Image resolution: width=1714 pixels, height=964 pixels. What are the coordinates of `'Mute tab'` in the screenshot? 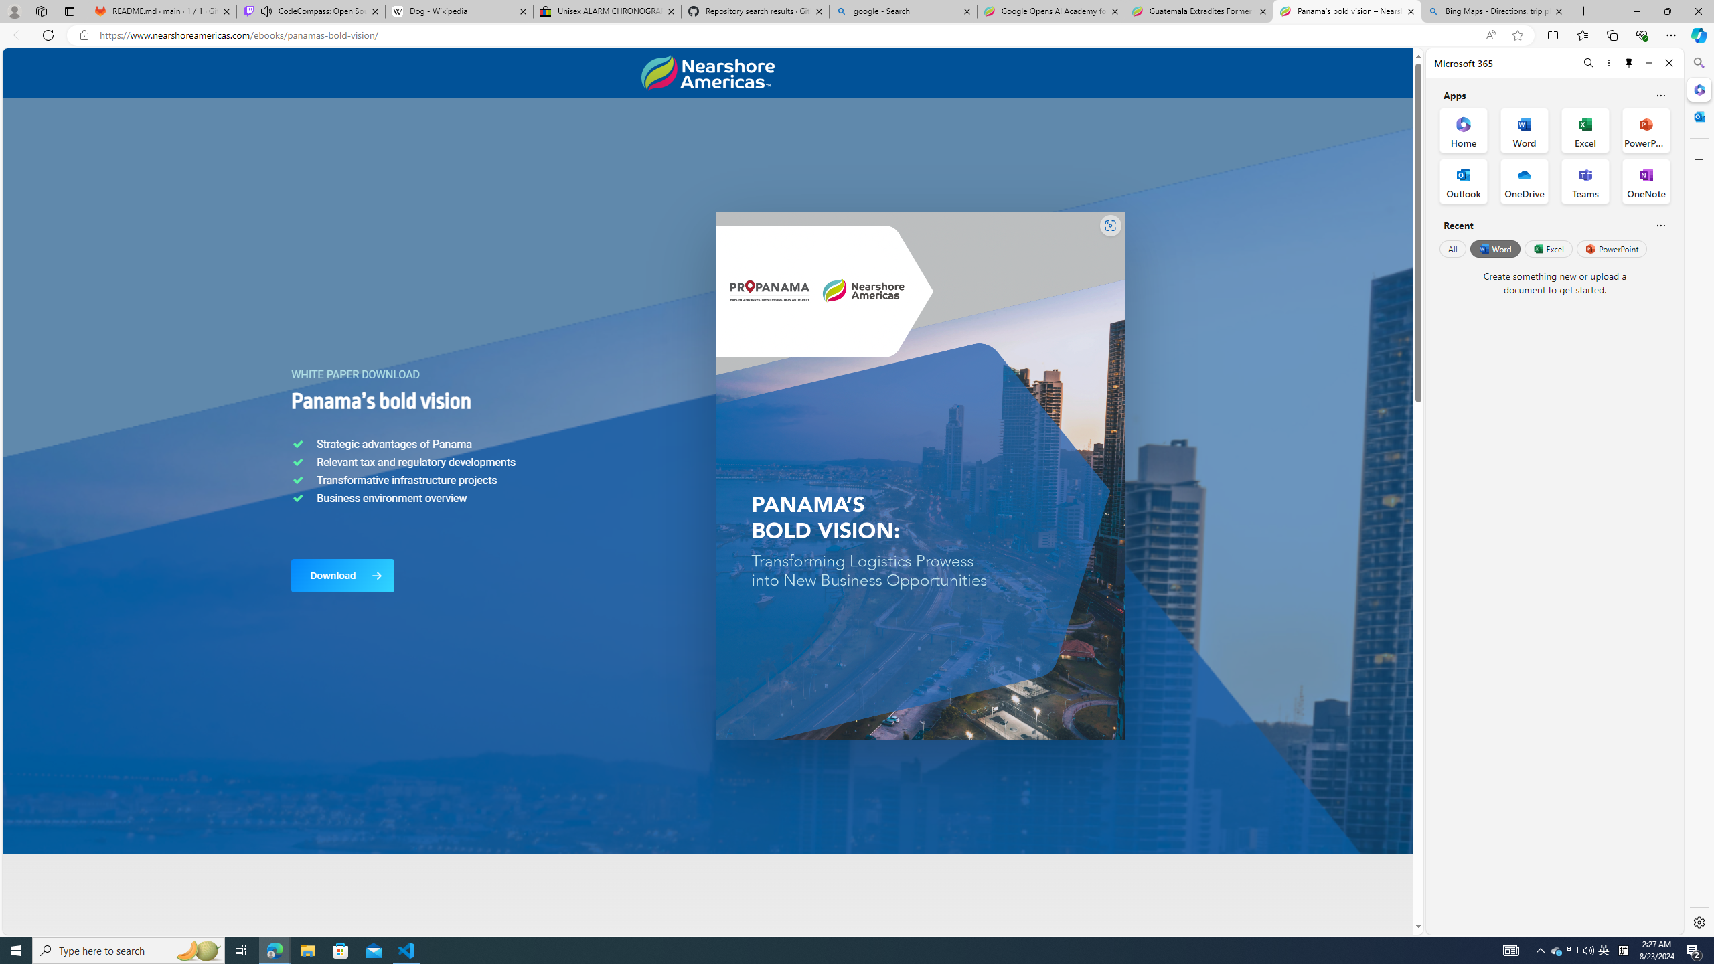 It's located at (266, 10).